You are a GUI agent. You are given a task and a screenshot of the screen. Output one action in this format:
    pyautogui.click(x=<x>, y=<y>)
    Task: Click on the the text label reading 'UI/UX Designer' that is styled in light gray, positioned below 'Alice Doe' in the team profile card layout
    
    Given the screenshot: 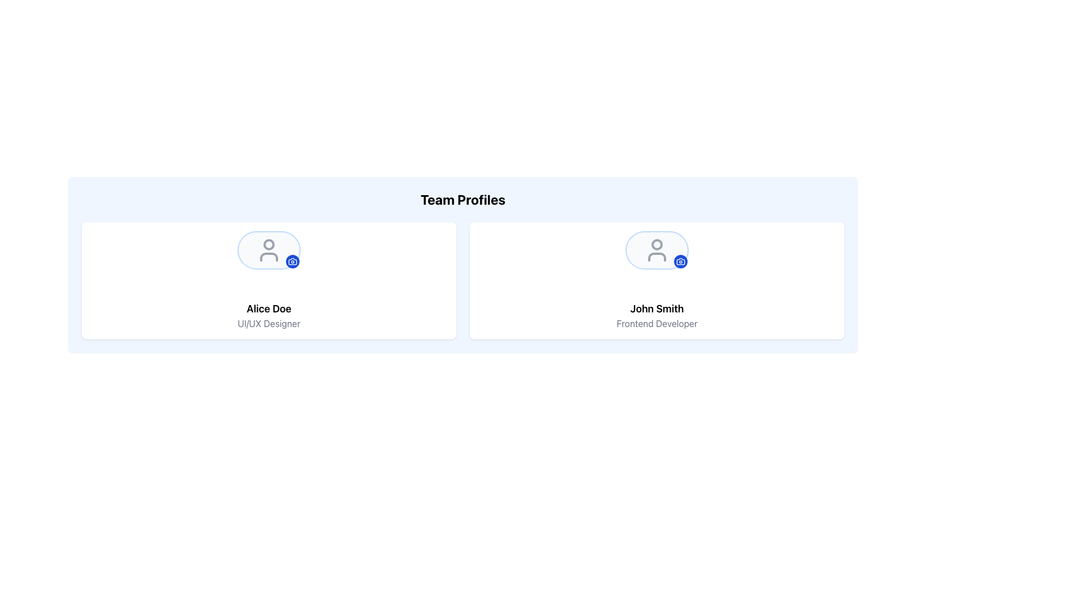 What is the action you would take?
    pyautogui.click(x=268, y=324)
    